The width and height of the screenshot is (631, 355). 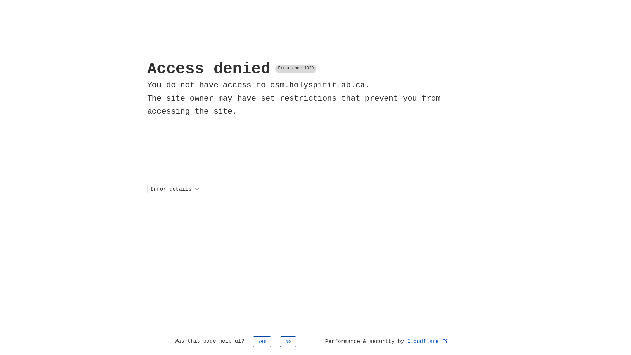 I want to click on 'No', so click(x=288, y=341).